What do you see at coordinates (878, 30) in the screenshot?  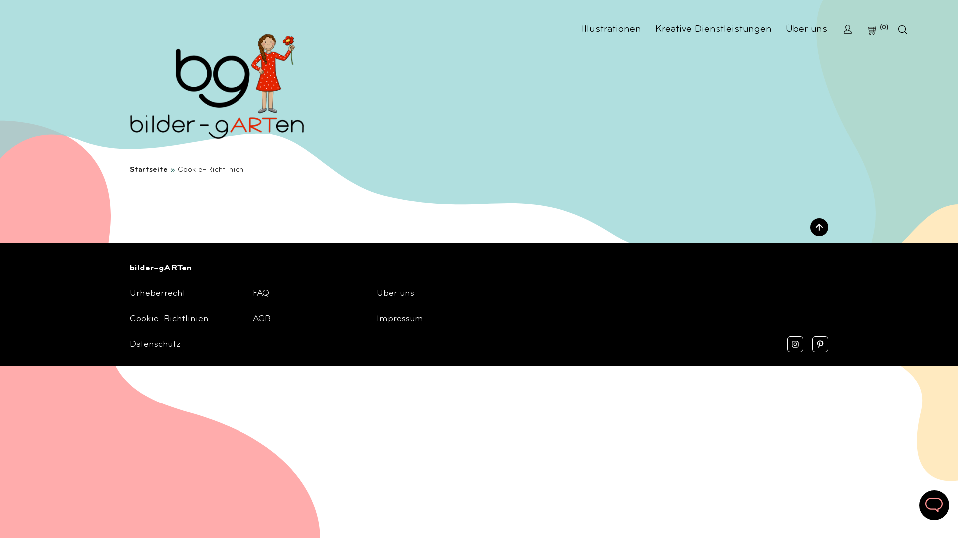 I see `'0'` at bounding box center [878, 30].